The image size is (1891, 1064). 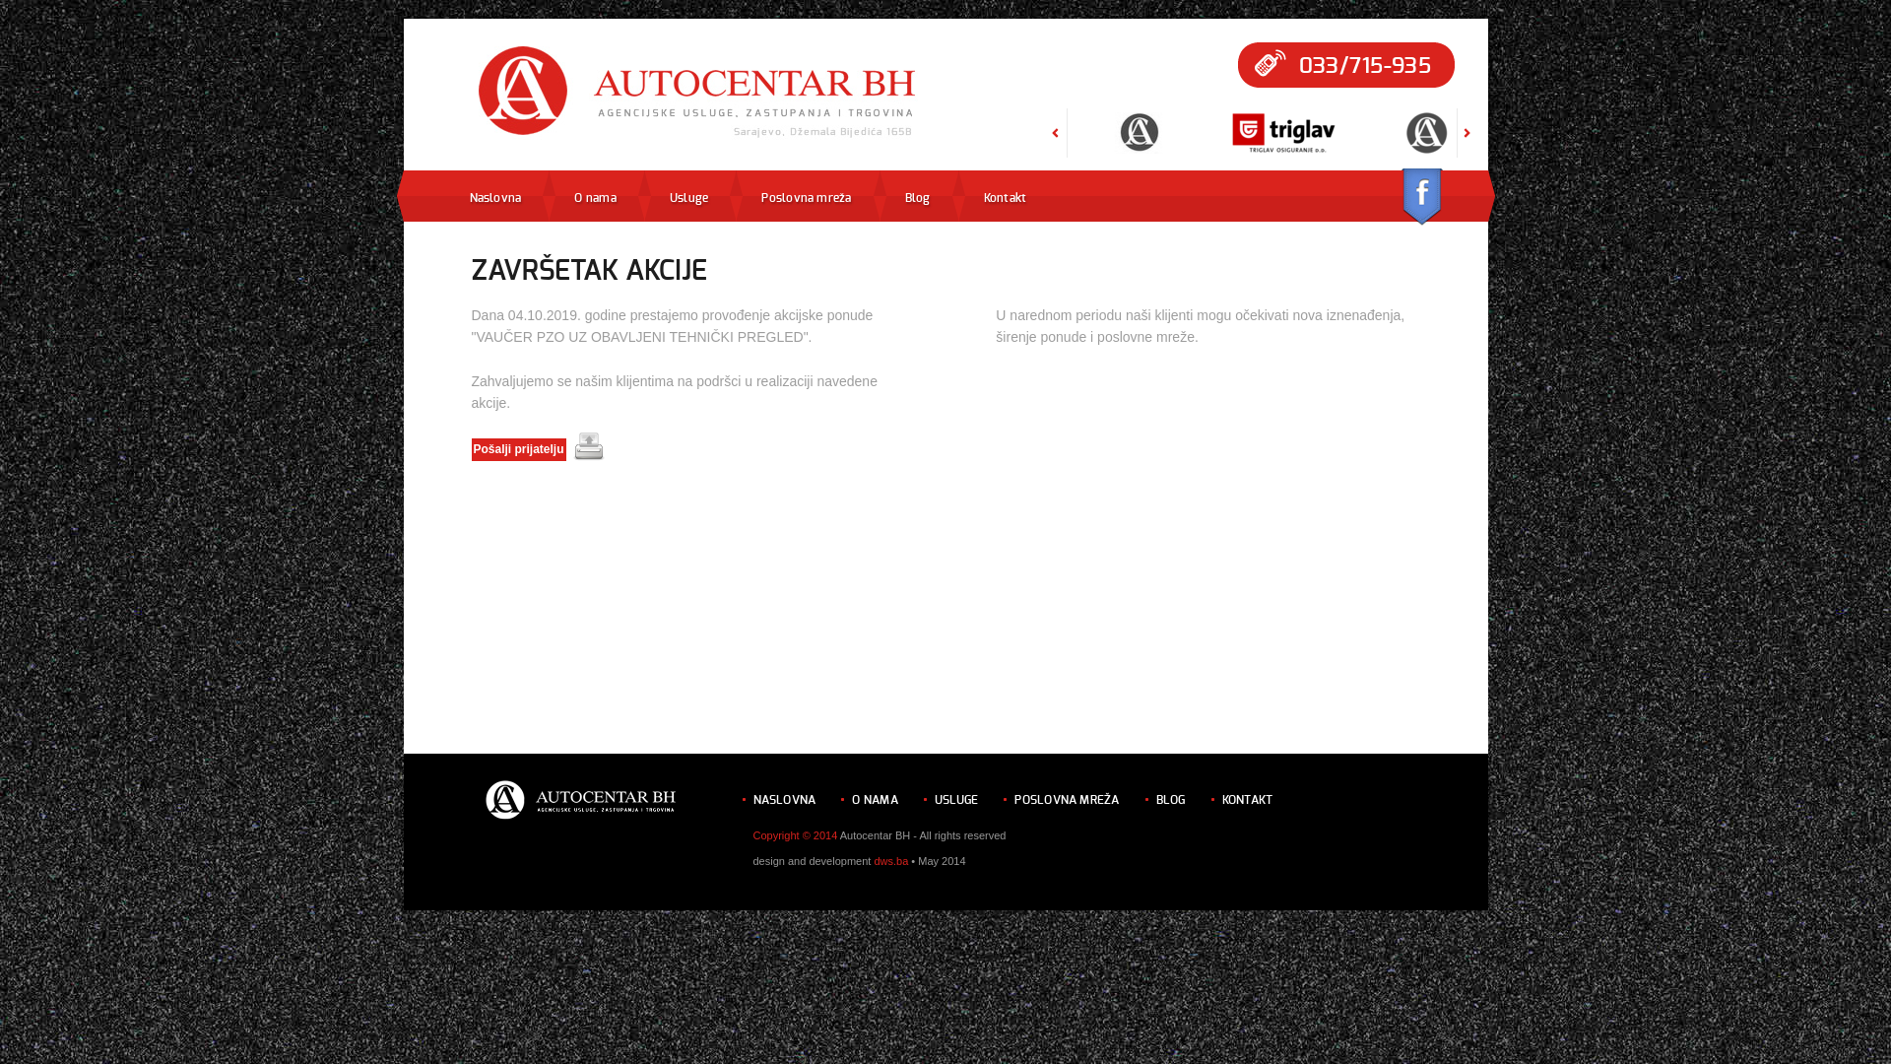 What do you see at coordinates (955, 799) in the screenshot?
I see `'USLUGE'` at bounding box center [955, 799].